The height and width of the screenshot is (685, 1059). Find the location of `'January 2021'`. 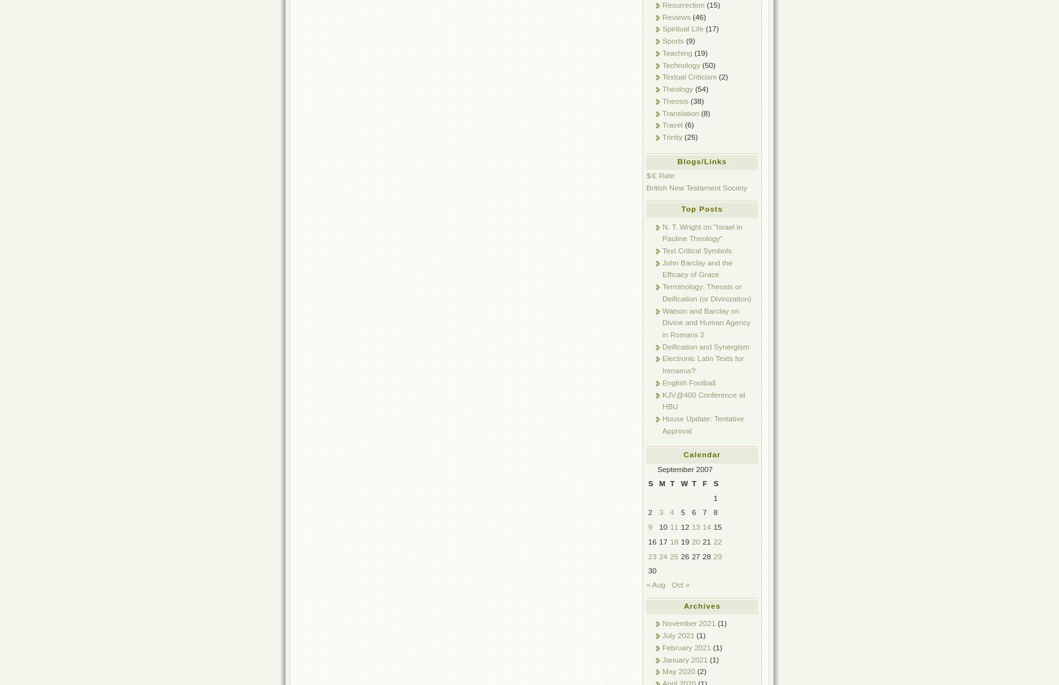

'January 2021' is located at coordinates (685, 659).